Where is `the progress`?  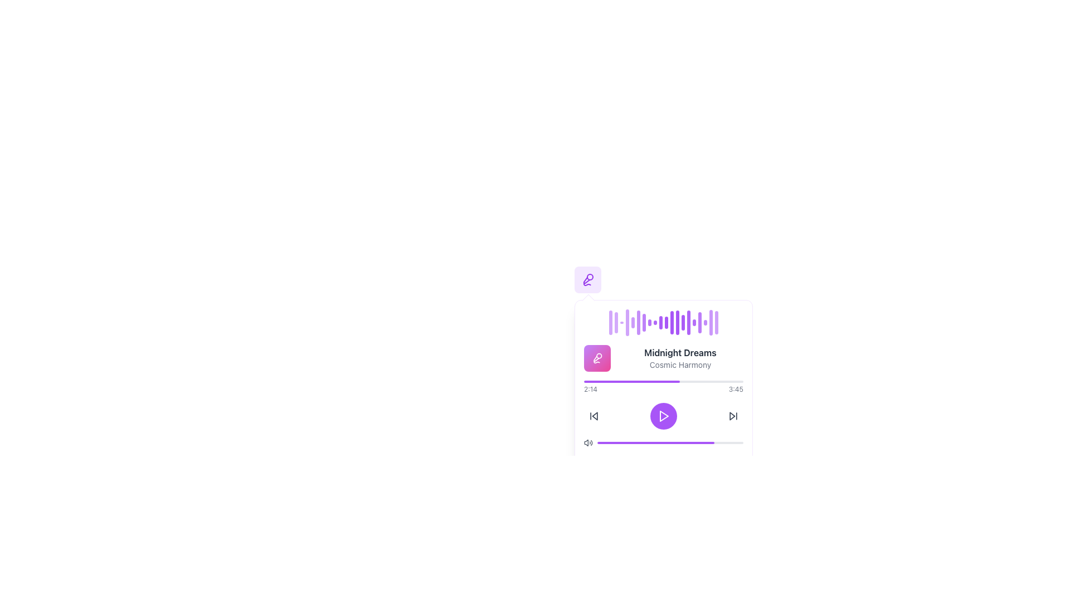
the progress is located at coordinates (660, 442).